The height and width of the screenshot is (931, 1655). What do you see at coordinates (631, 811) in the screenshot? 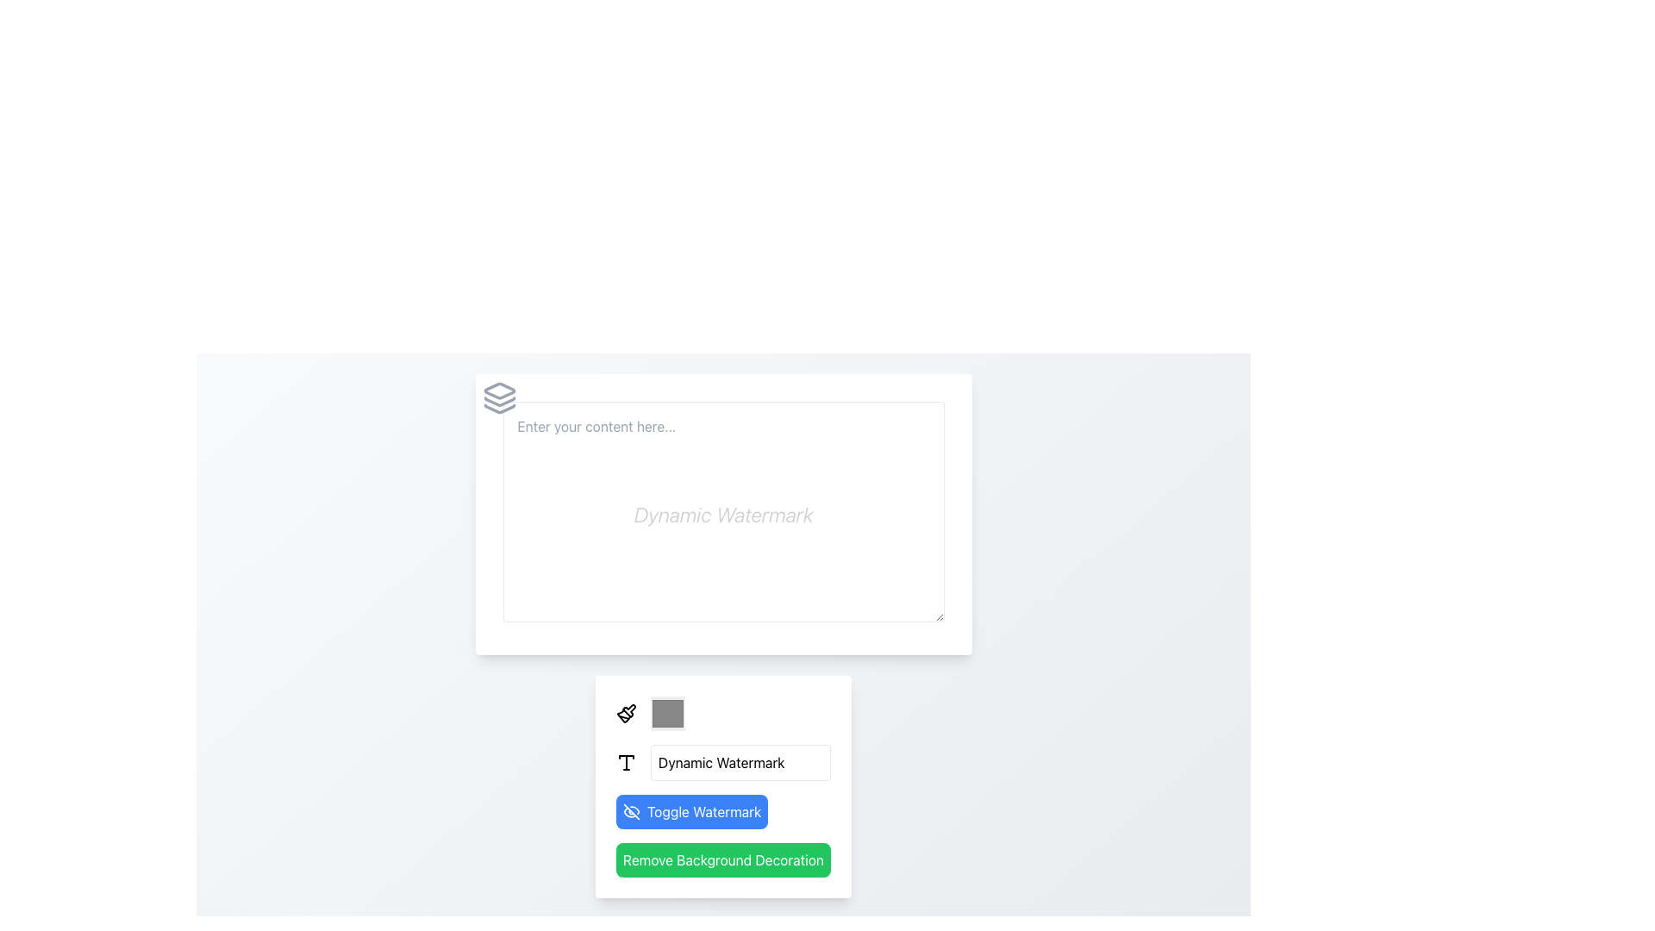
I see `the toggle icon for the watermark visibility feature located to the left of the 'Toggle Watermark' button to check its current state` at bounding box center [631, 811].